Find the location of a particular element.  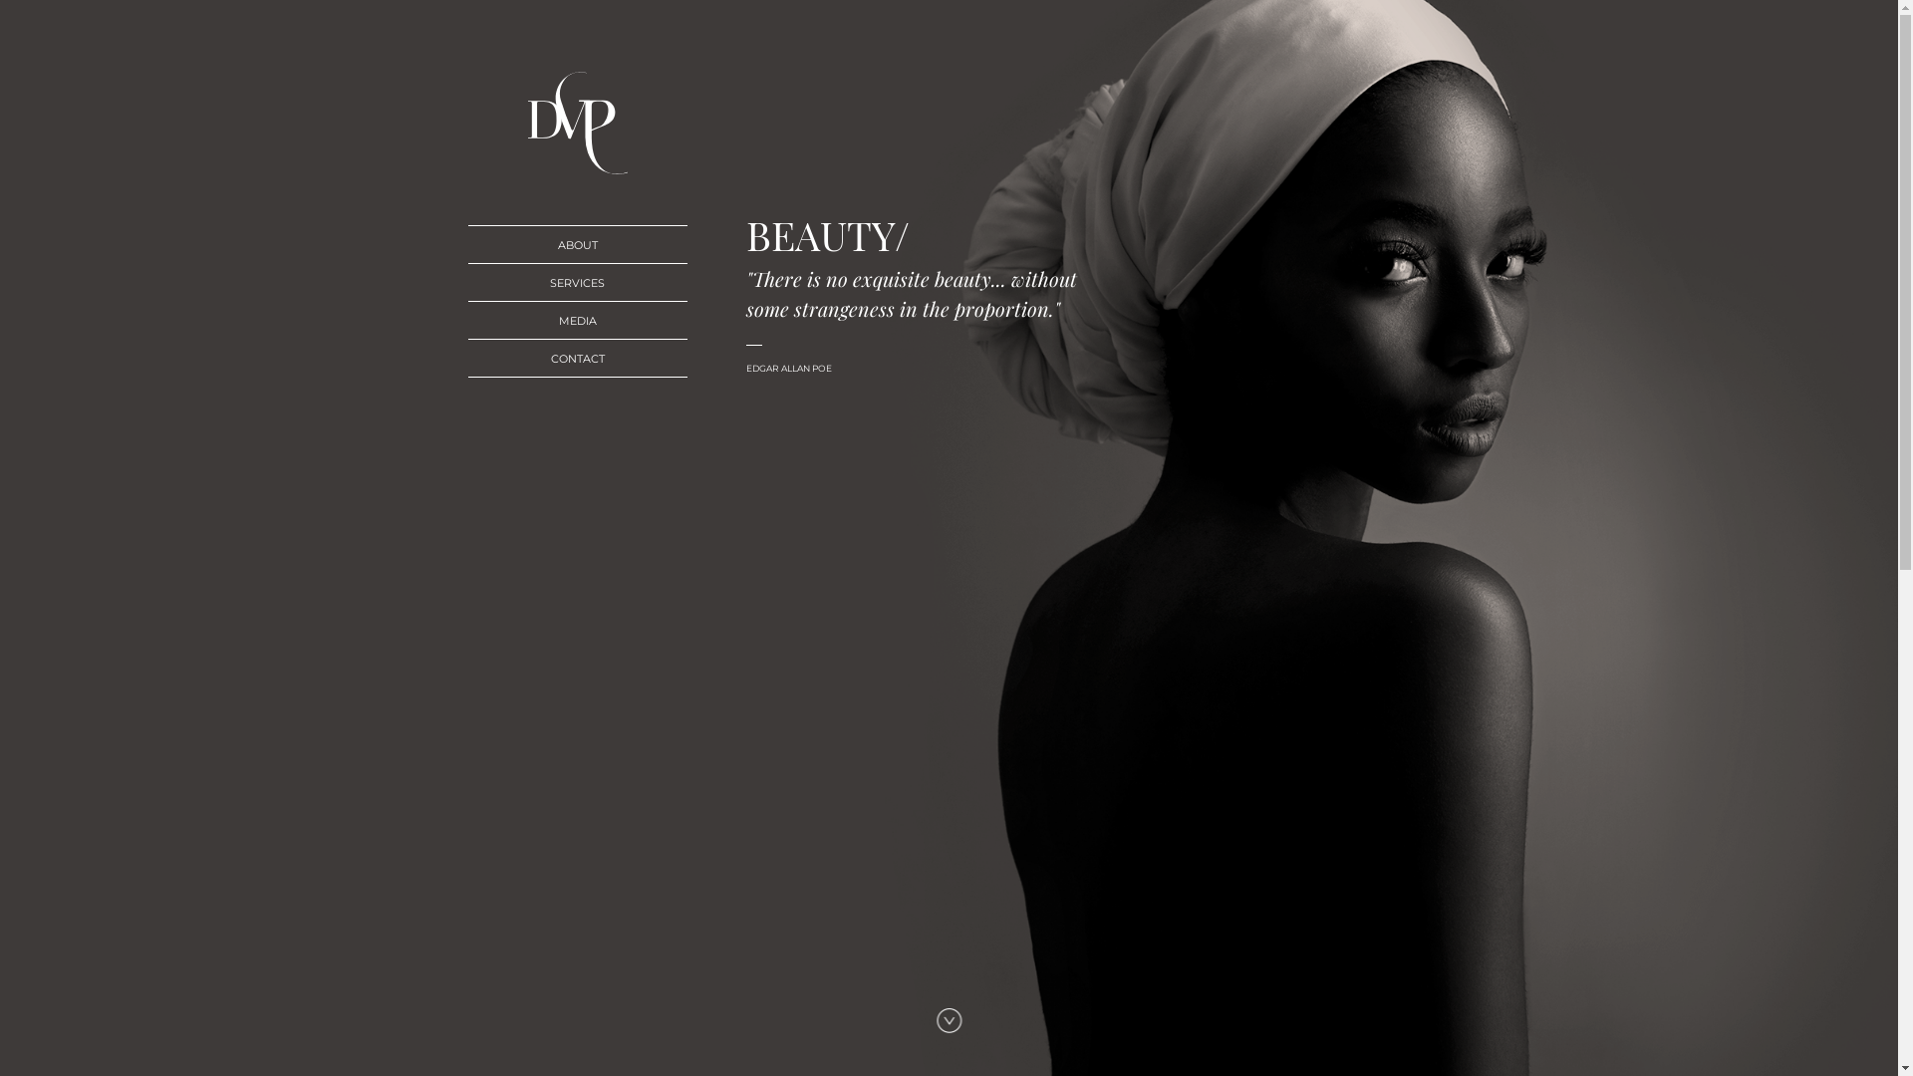

'SERVICES' is located at coordinates (577, 282).